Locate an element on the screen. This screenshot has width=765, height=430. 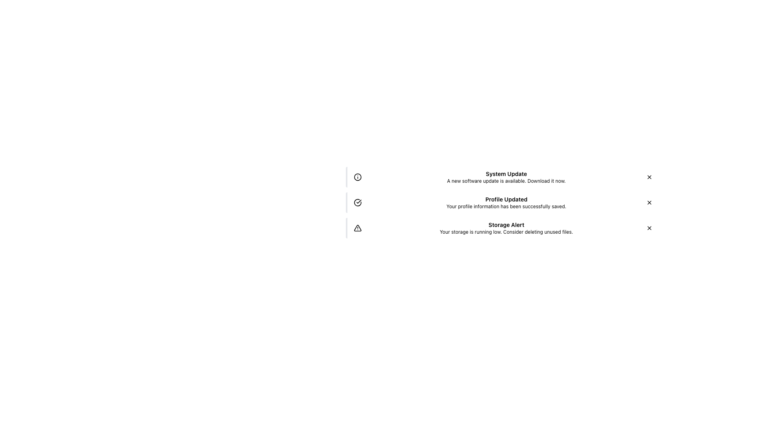
system notification text element displaying 'System Update' and its subtext 'A new software update is available. Download it now.' is located at coordinates (506, 176).